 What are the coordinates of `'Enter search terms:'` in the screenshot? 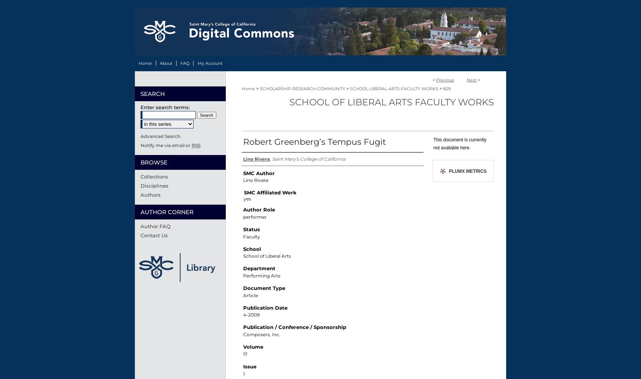 It's located at (165, 107).